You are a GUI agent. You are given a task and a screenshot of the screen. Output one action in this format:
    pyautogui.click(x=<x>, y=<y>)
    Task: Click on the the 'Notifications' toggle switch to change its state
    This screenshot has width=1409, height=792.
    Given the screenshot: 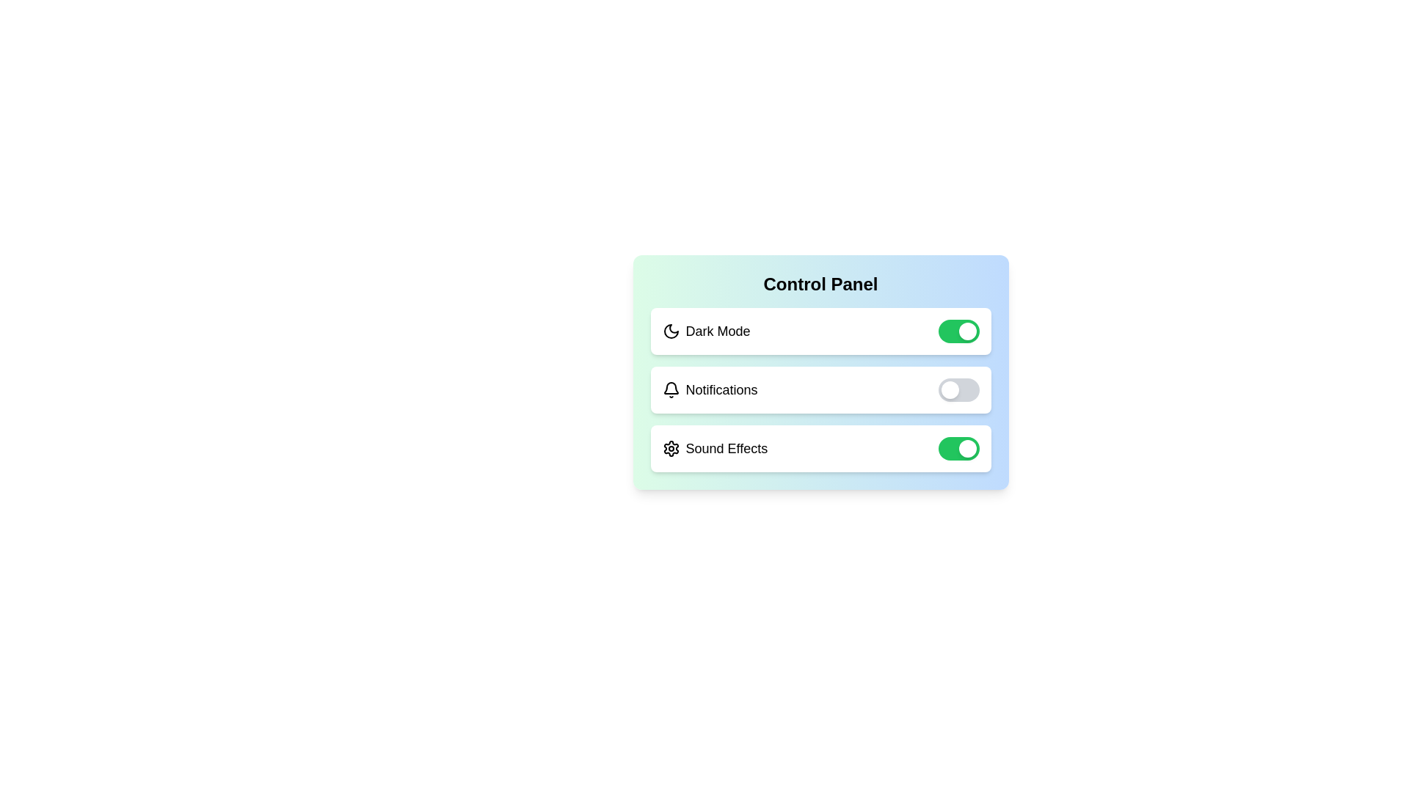 What is the action you would take?
    pyautogui.click(x=958, y=389)
    